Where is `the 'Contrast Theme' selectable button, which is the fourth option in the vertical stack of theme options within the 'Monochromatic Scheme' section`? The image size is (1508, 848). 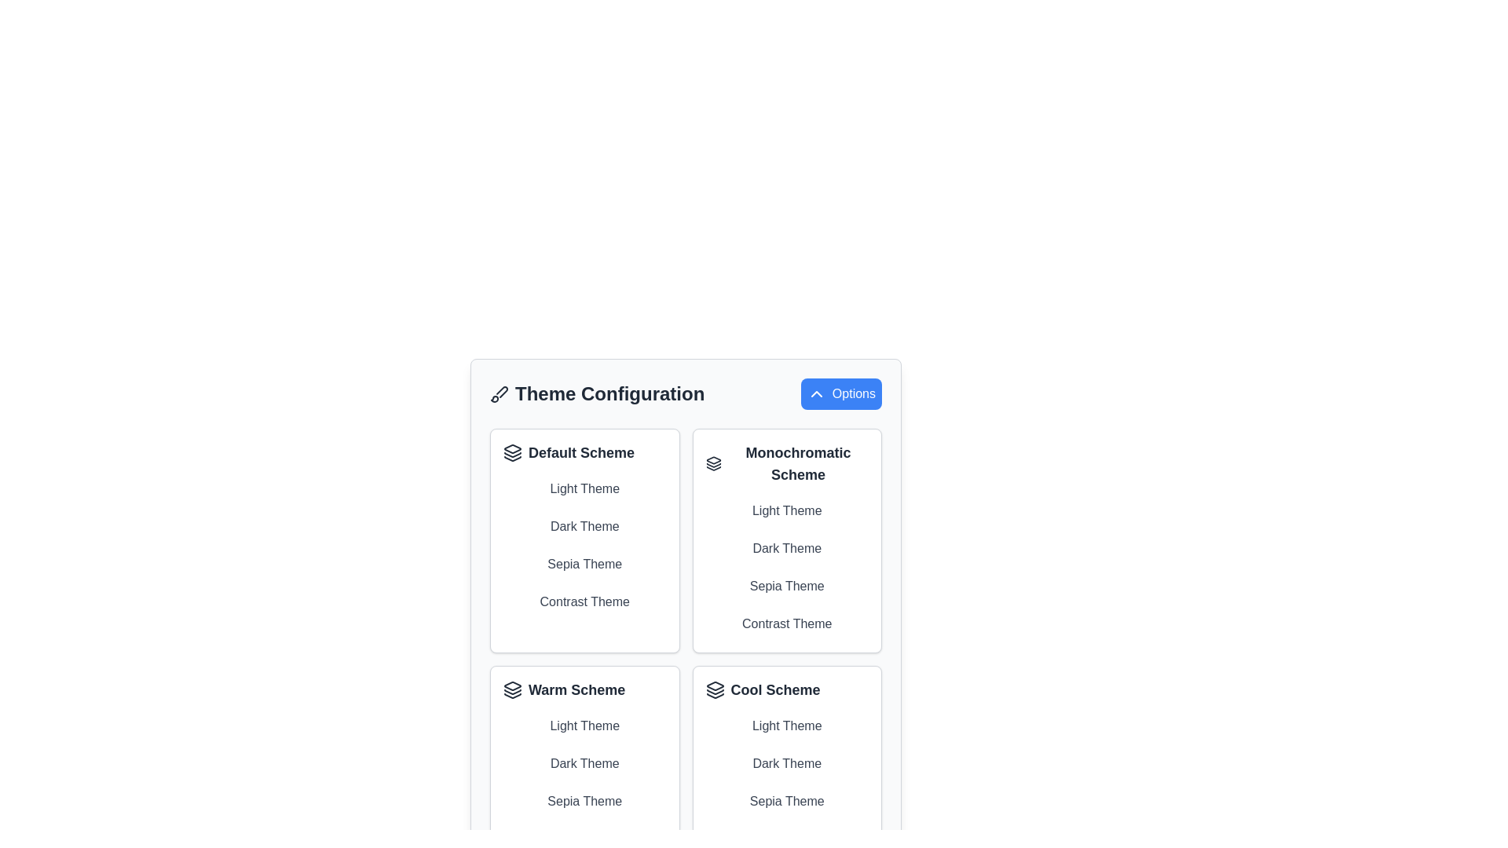 the 'Contrast Theme' selectable button, which is the fourth option in the vertical stack of theme options within the 'Monochromatic Scheme' section is located at coordinates (787, 623).